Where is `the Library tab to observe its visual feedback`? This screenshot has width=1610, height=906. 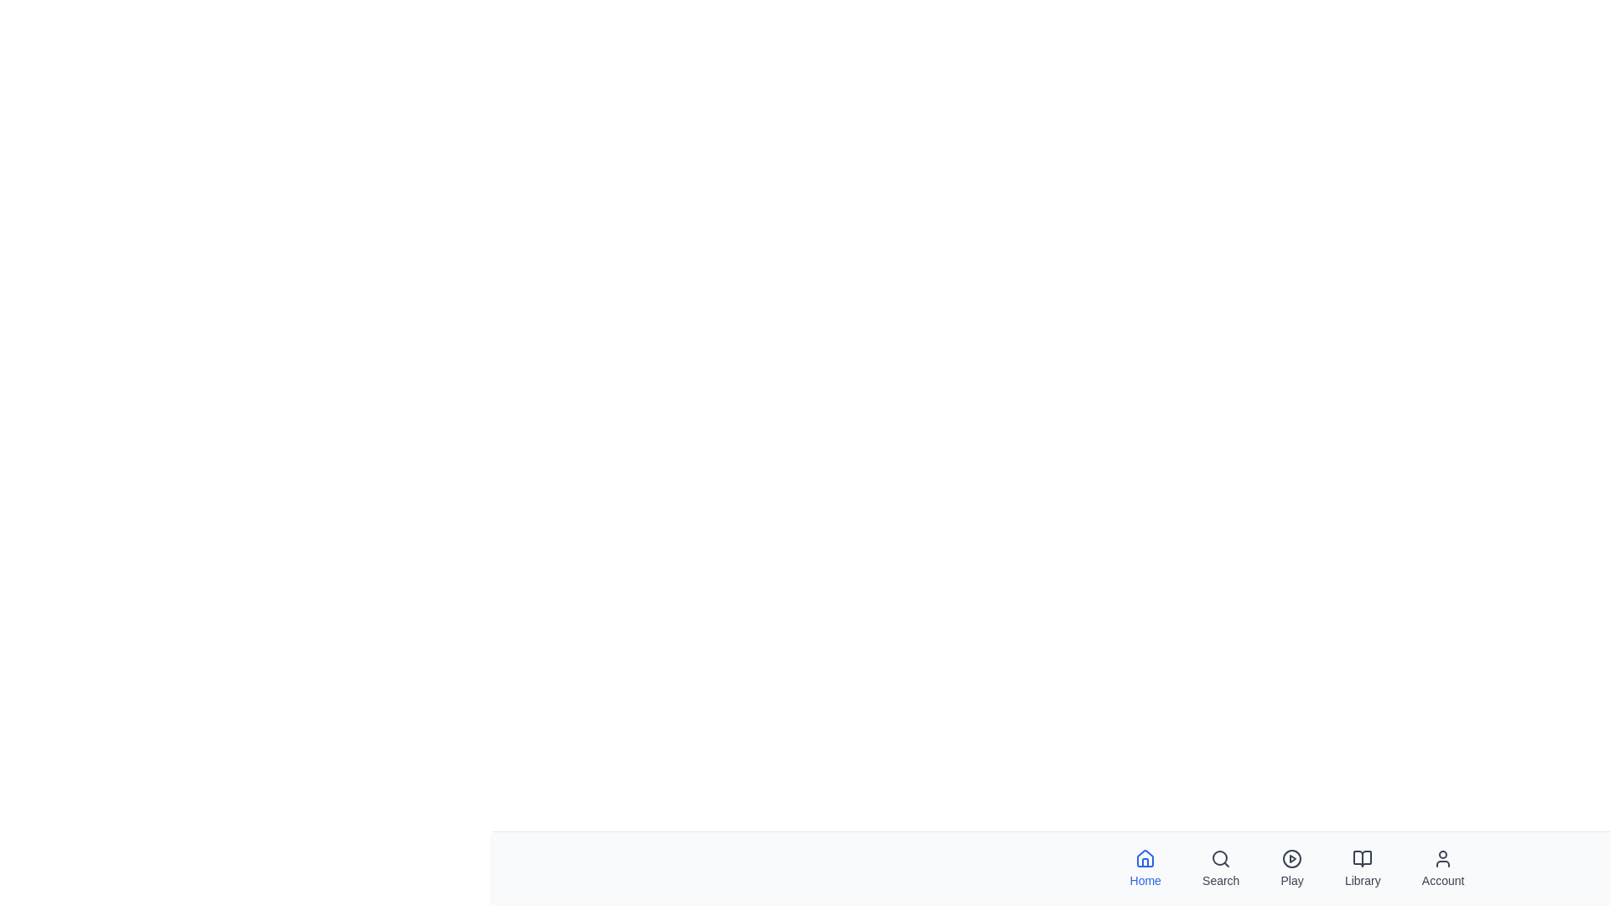 the Library tab to observe its visual feedback is located at coordinates (1363, 868).